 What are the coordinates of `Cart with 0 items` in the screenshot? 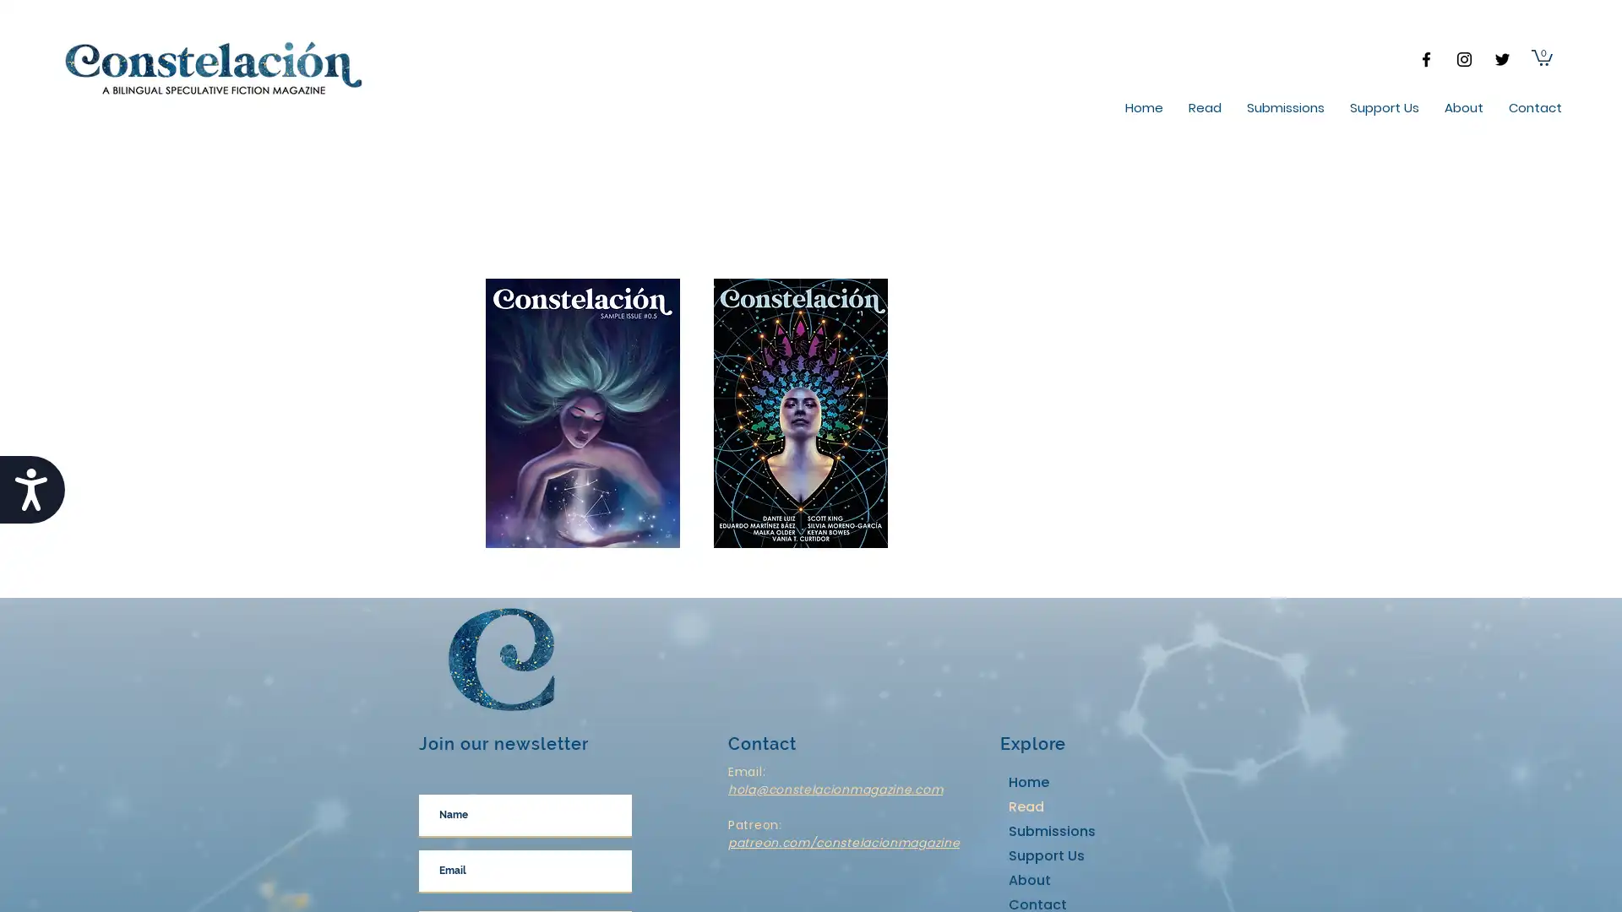 It's located at (1542, 55).